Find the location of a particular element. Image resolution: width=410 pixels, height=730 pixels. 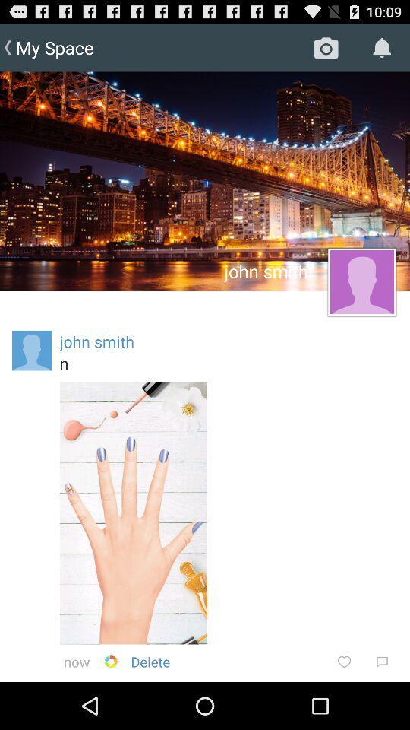

the n icon is located at coordinates (228, 363).